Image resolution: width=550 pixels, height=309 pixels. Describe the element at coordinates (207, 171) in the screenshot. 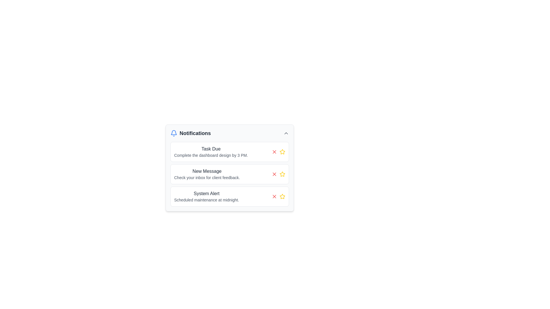

I see `the 'New Message' text label, which is the primary heading of the second notification item within the 'Notifications' card` at that location.